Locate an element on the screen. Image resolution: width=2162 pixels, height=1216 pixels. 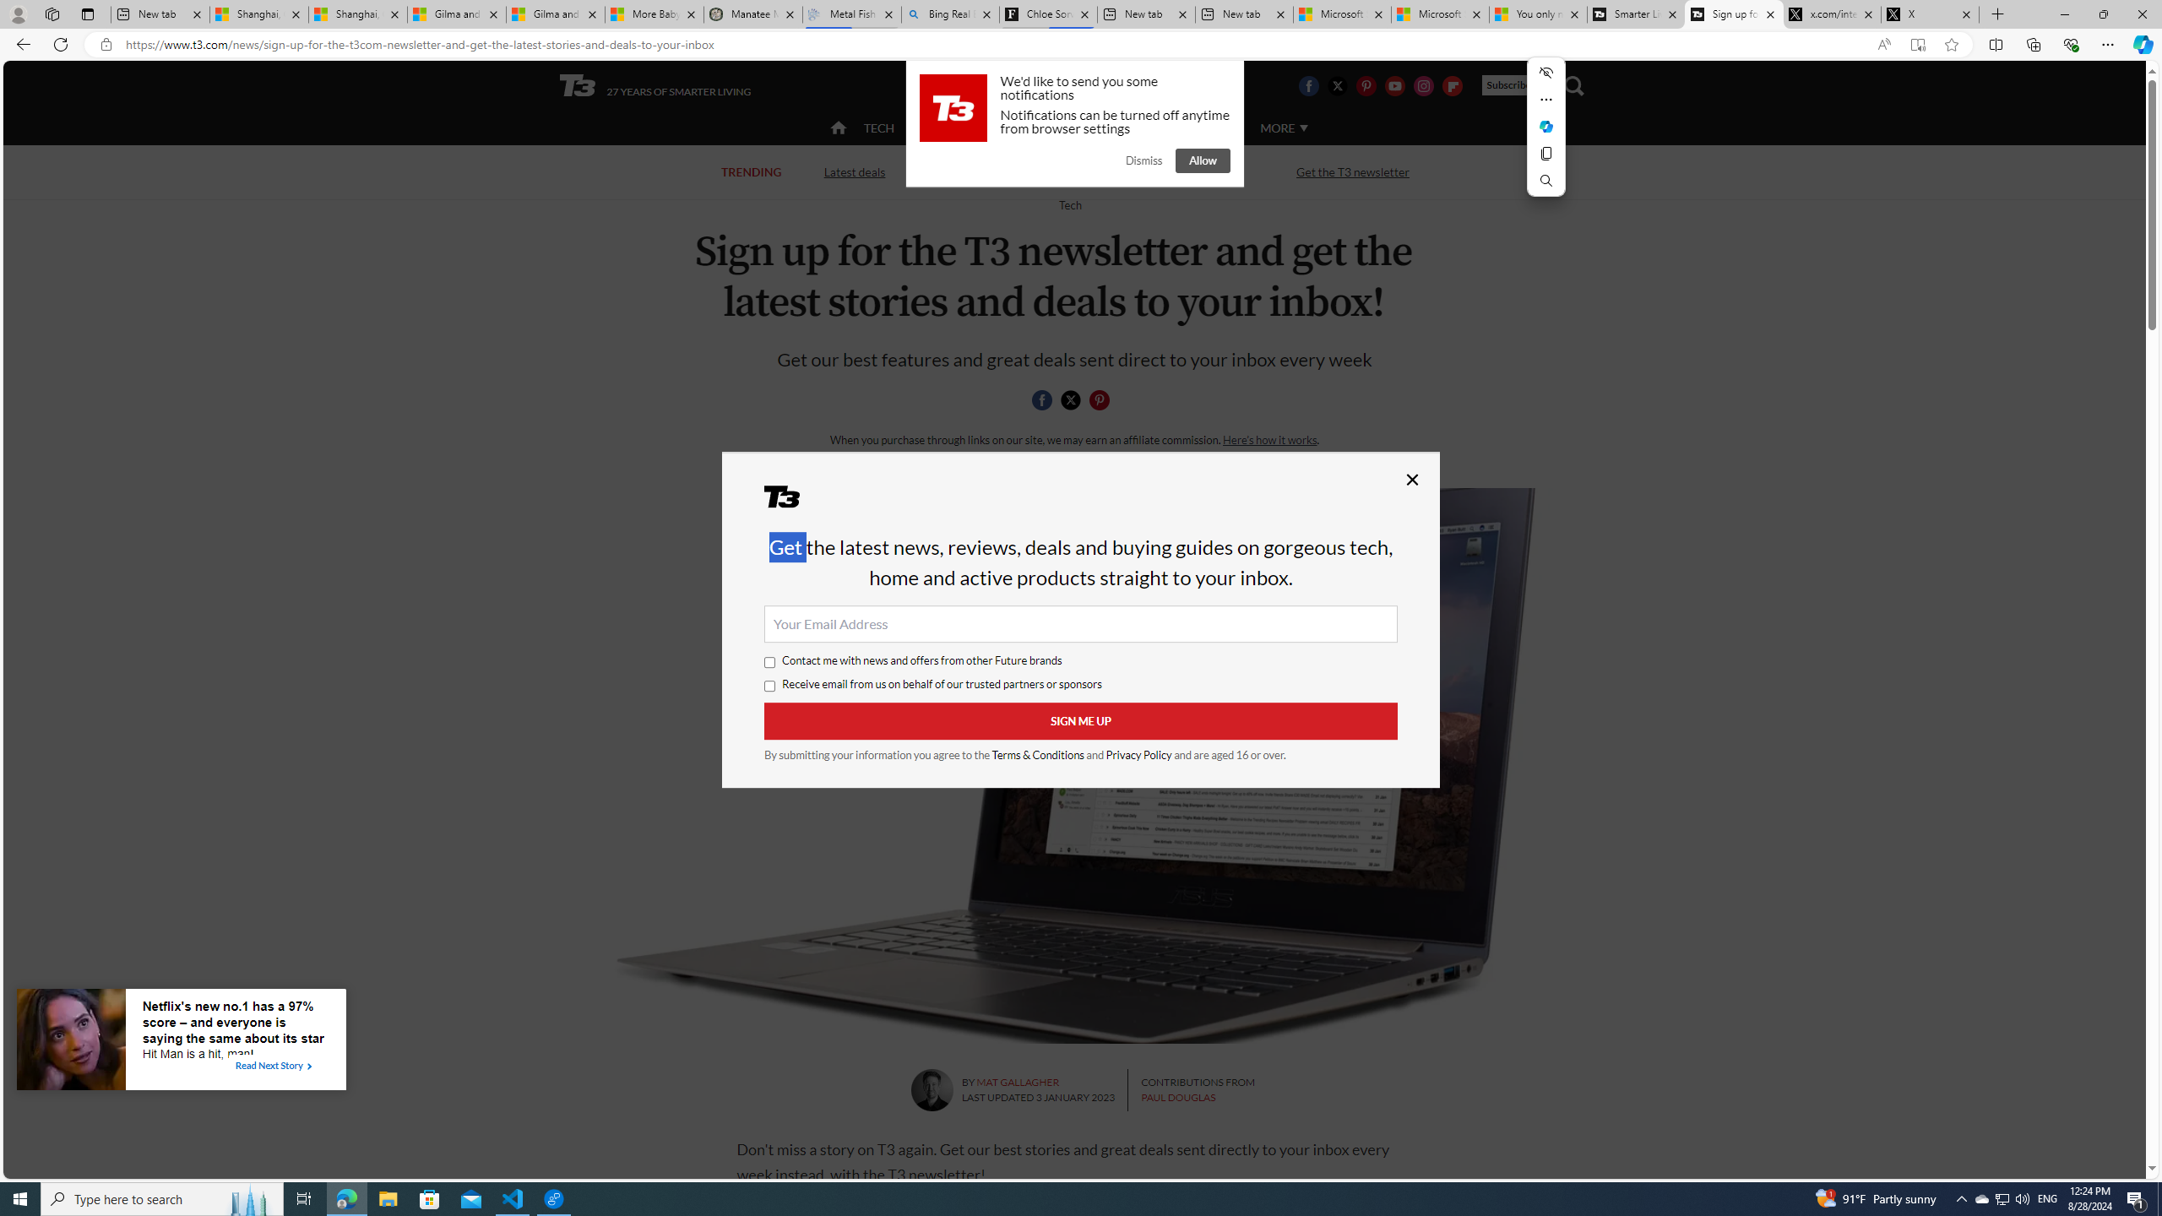
'Enter Immersive Reader (F9)' is located at coordinates (1917, 45).